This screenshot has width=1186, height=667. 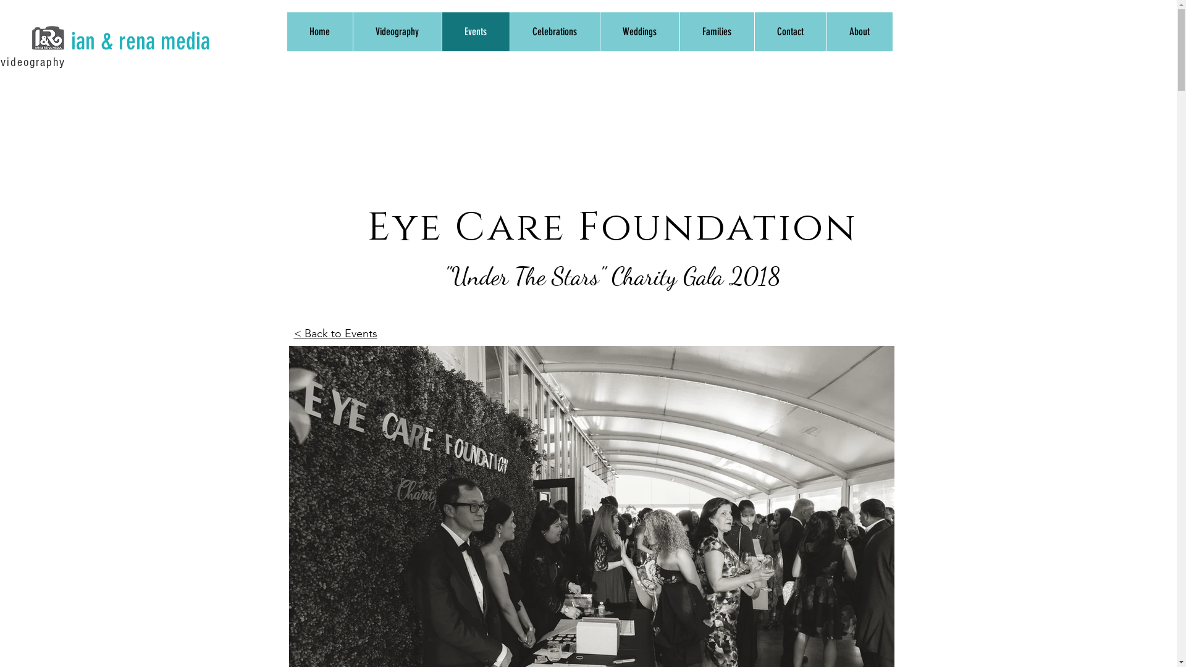 I want to click on '< Back to Events', so click(x=335, y=333).